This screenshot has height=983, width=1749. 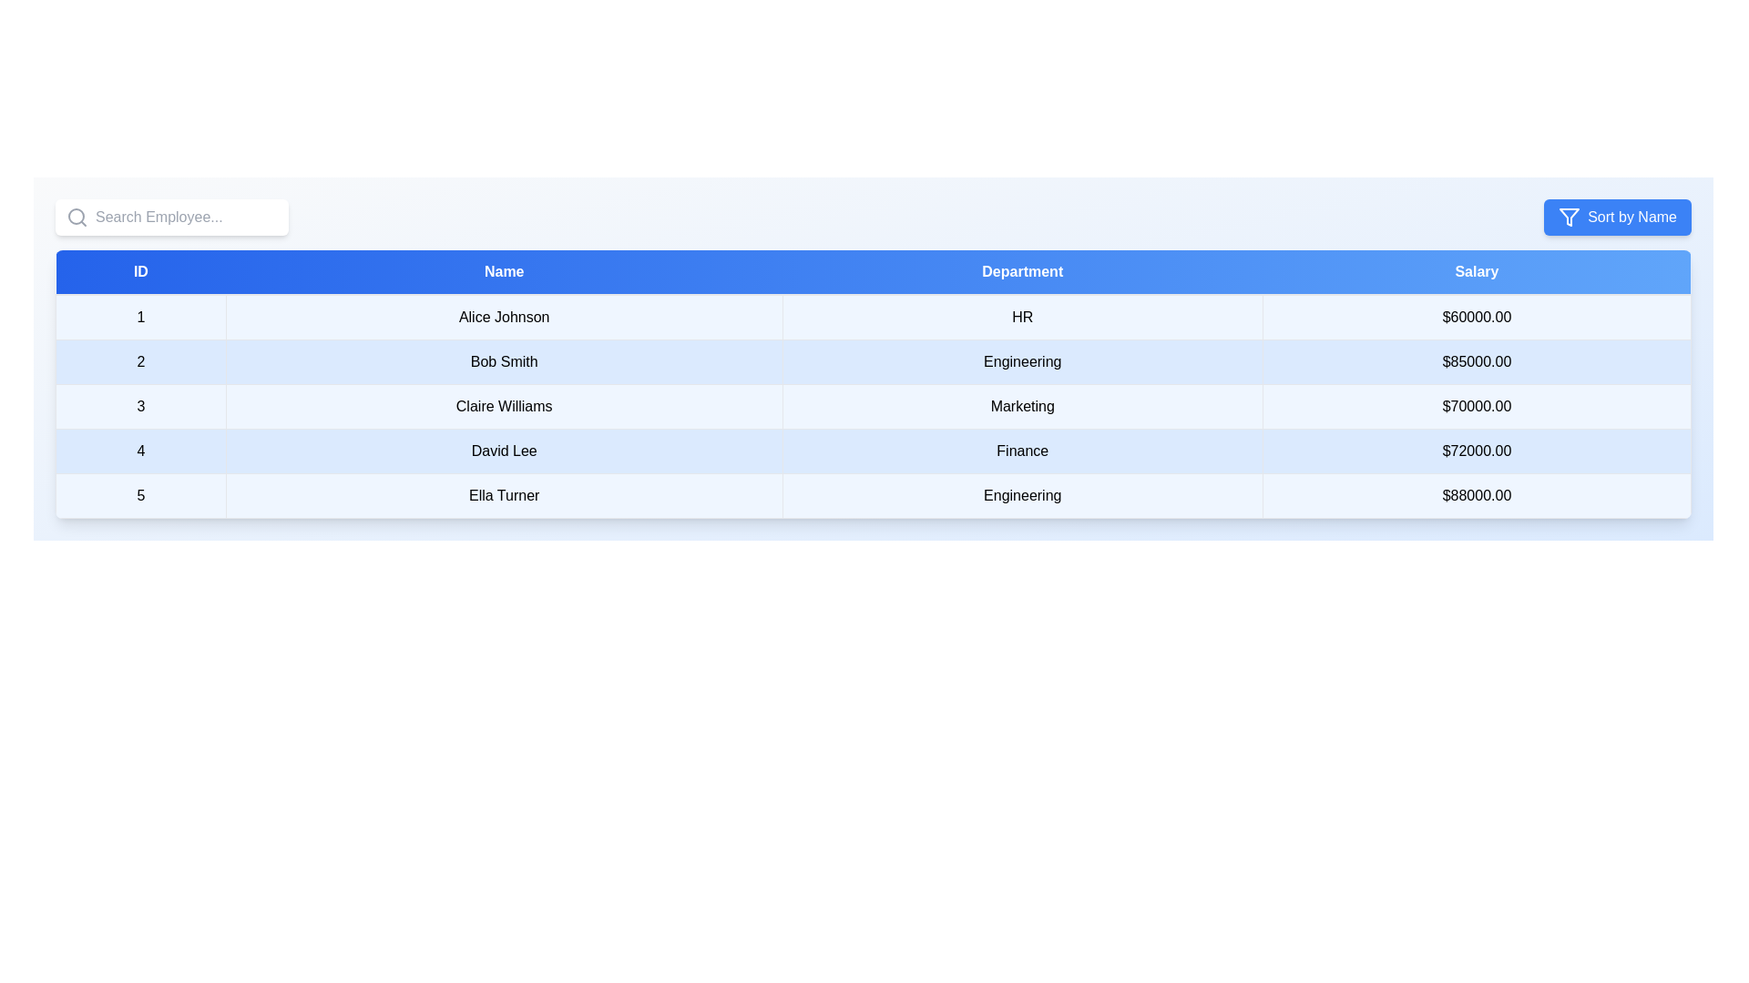 I want to click on the first cell of the data table that displays the identifier for a record, which is located in the first row and first column, so click(x=139, y=316).